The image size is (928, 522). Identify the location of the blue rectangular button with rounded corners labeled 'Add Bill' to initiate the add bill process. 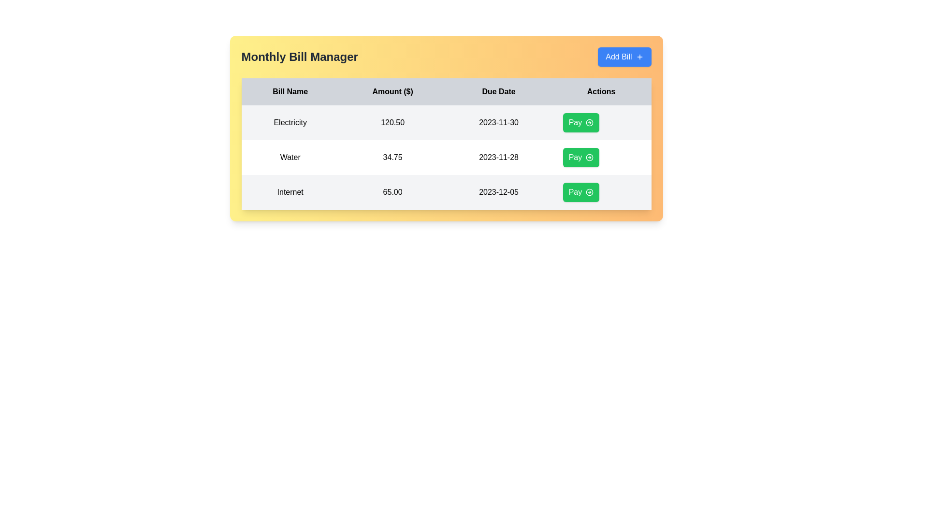
(624, 57).